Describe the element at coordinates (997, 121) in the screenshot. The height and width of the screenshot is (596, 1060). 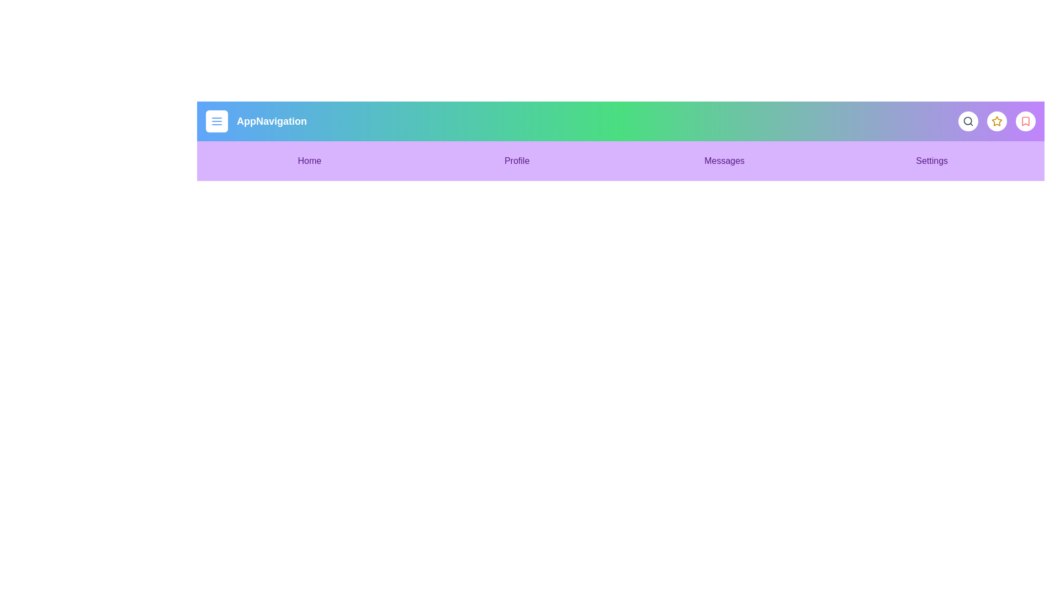
I see `the star icon to mark an item as favorite` at that location.